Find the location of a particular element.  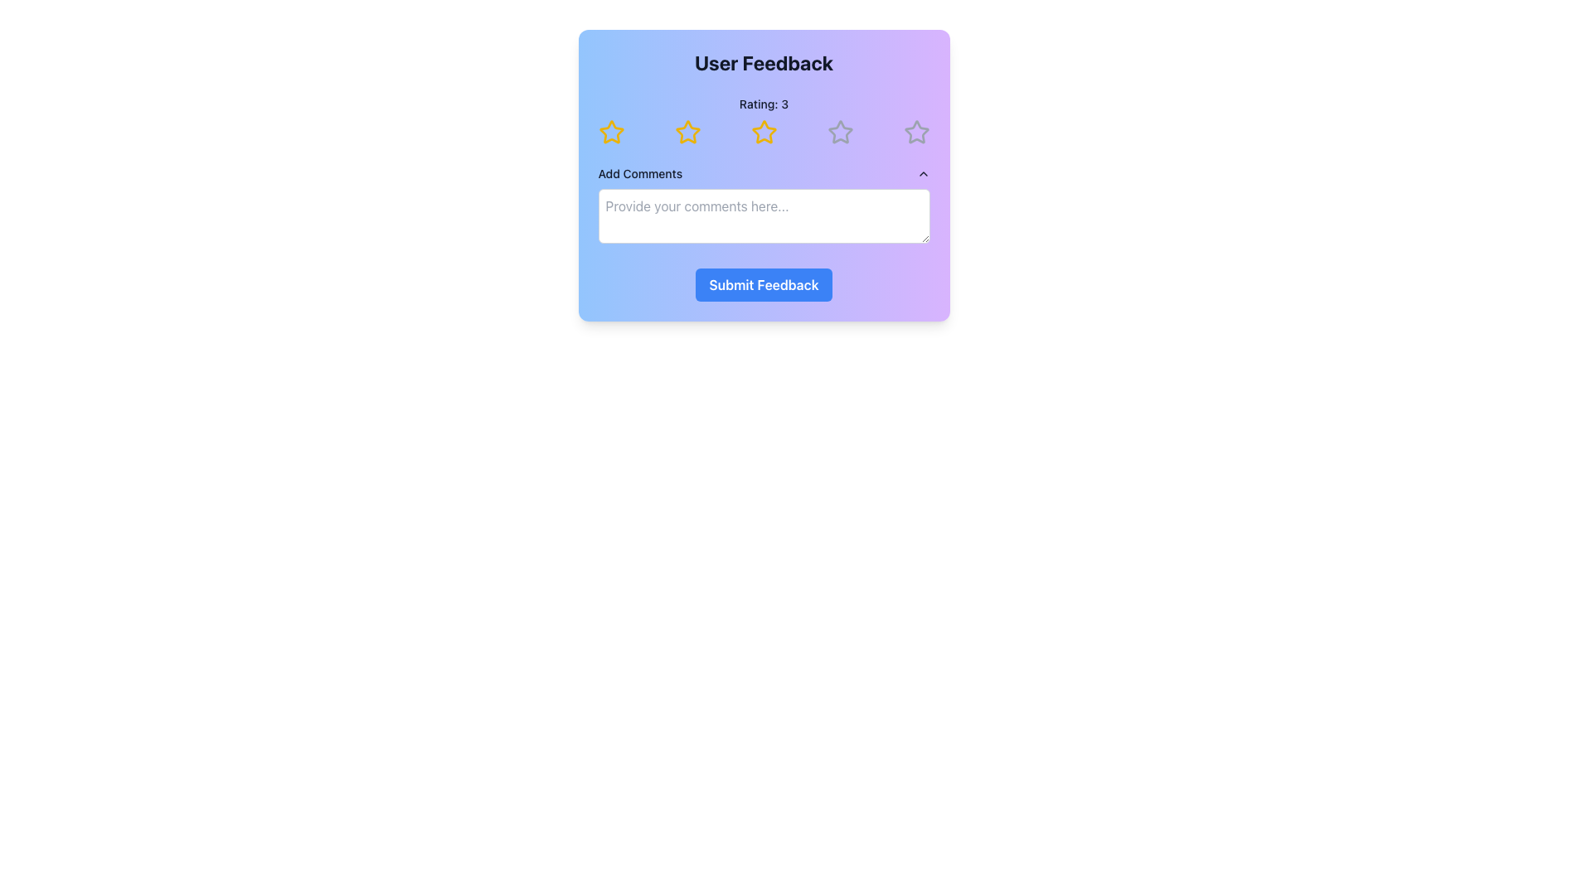

the third star in the interactive rating star component is located at coordinates (763, 131).